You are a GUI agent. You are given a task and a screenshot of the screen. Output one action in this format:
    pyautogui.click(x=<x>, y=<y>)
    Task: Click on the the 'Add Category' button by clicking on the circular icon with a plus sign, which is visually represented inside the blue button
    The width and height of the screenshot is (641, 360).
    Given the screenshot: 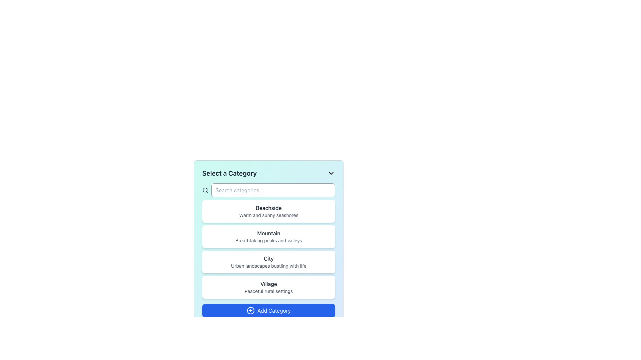 What is the action you would take?
    pyautogui.click(x=250, y=311)
    